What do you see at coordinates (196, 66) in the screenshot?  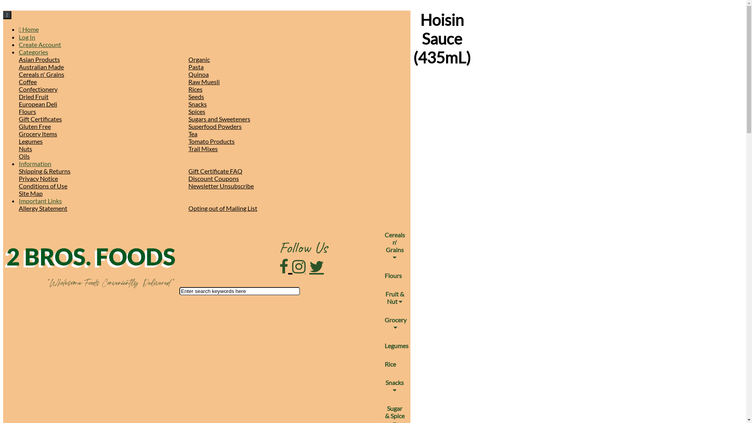 I see `'Pasta'` at bounding box center [196, 66].